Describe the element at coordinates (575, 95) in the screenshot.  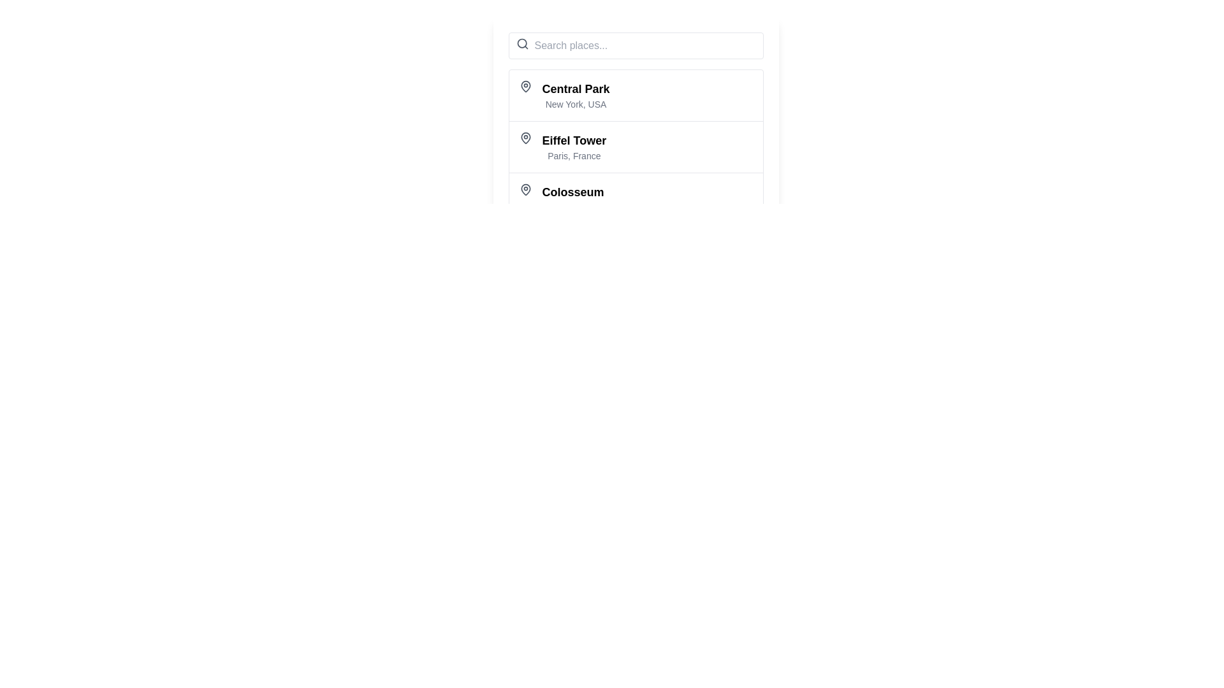
I see `the first item in the location list representing 'Central Park'` at that location.